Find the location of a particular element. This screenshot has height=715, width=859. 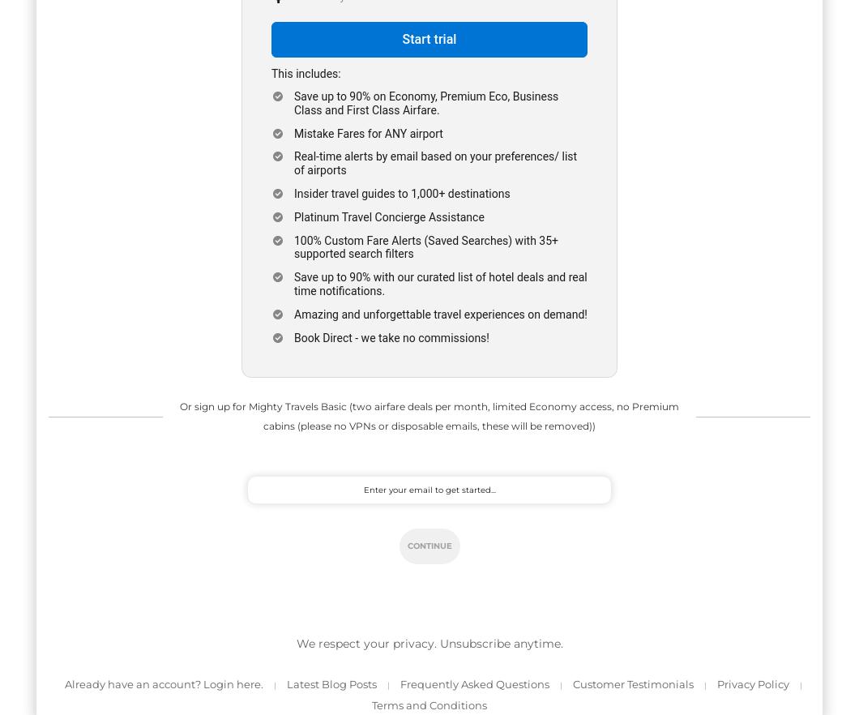

'We respect your privacy. Unsubscribe anytime.' is located at coordinates (428, 642).